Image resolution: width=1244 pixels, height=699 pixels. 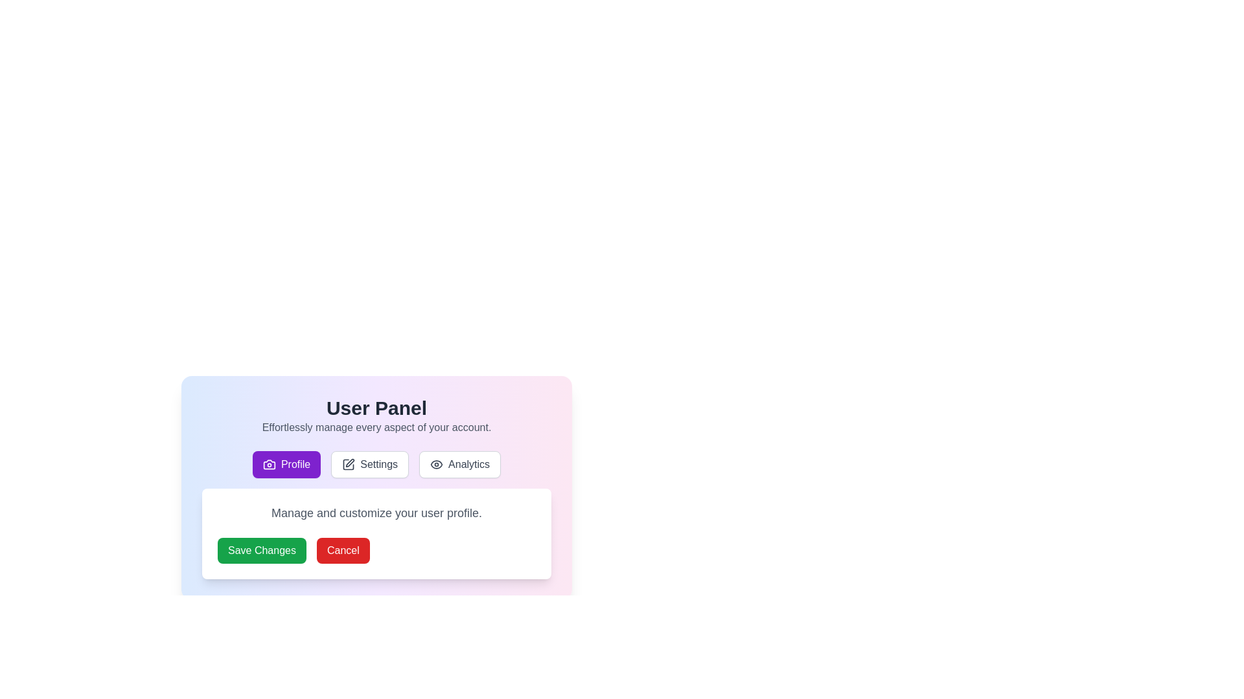 What do you see at coordinates (369, 463) in the screenshot?
I see `the Settings tab` at bounding box center [369, 463].